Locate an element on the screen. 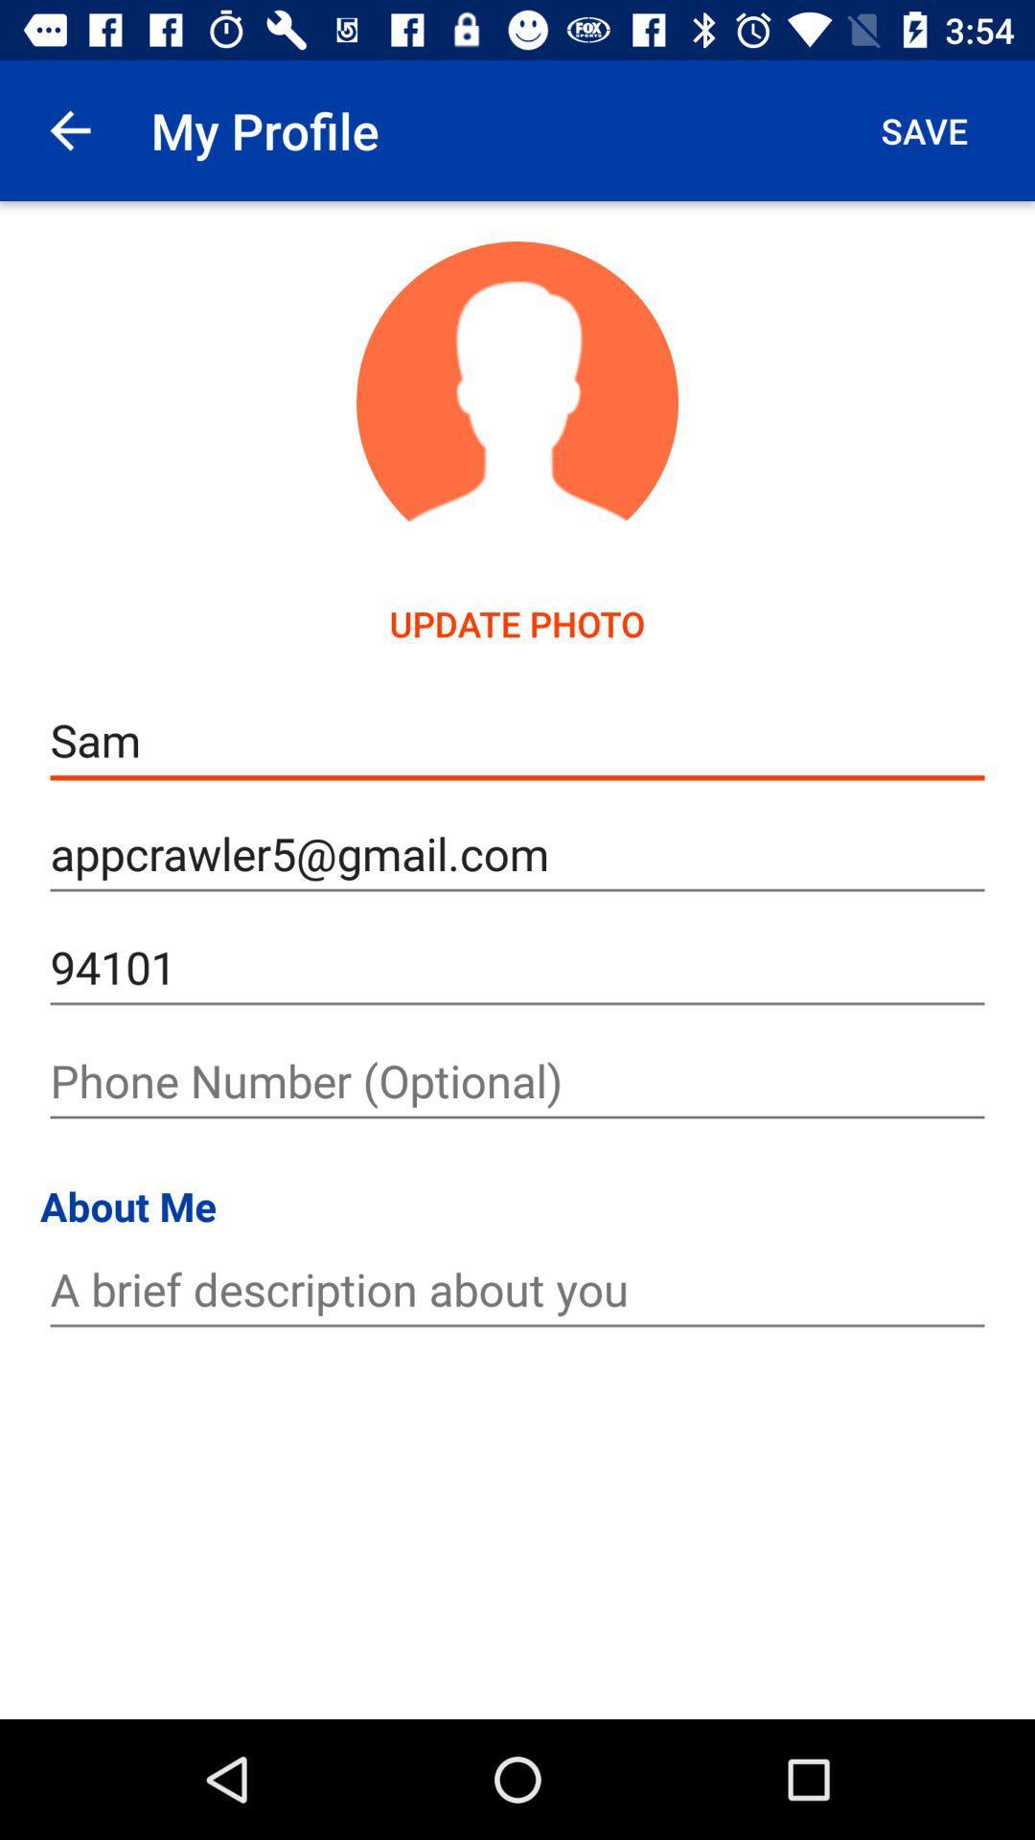  brief self description is located at coordinates (517, 1290).